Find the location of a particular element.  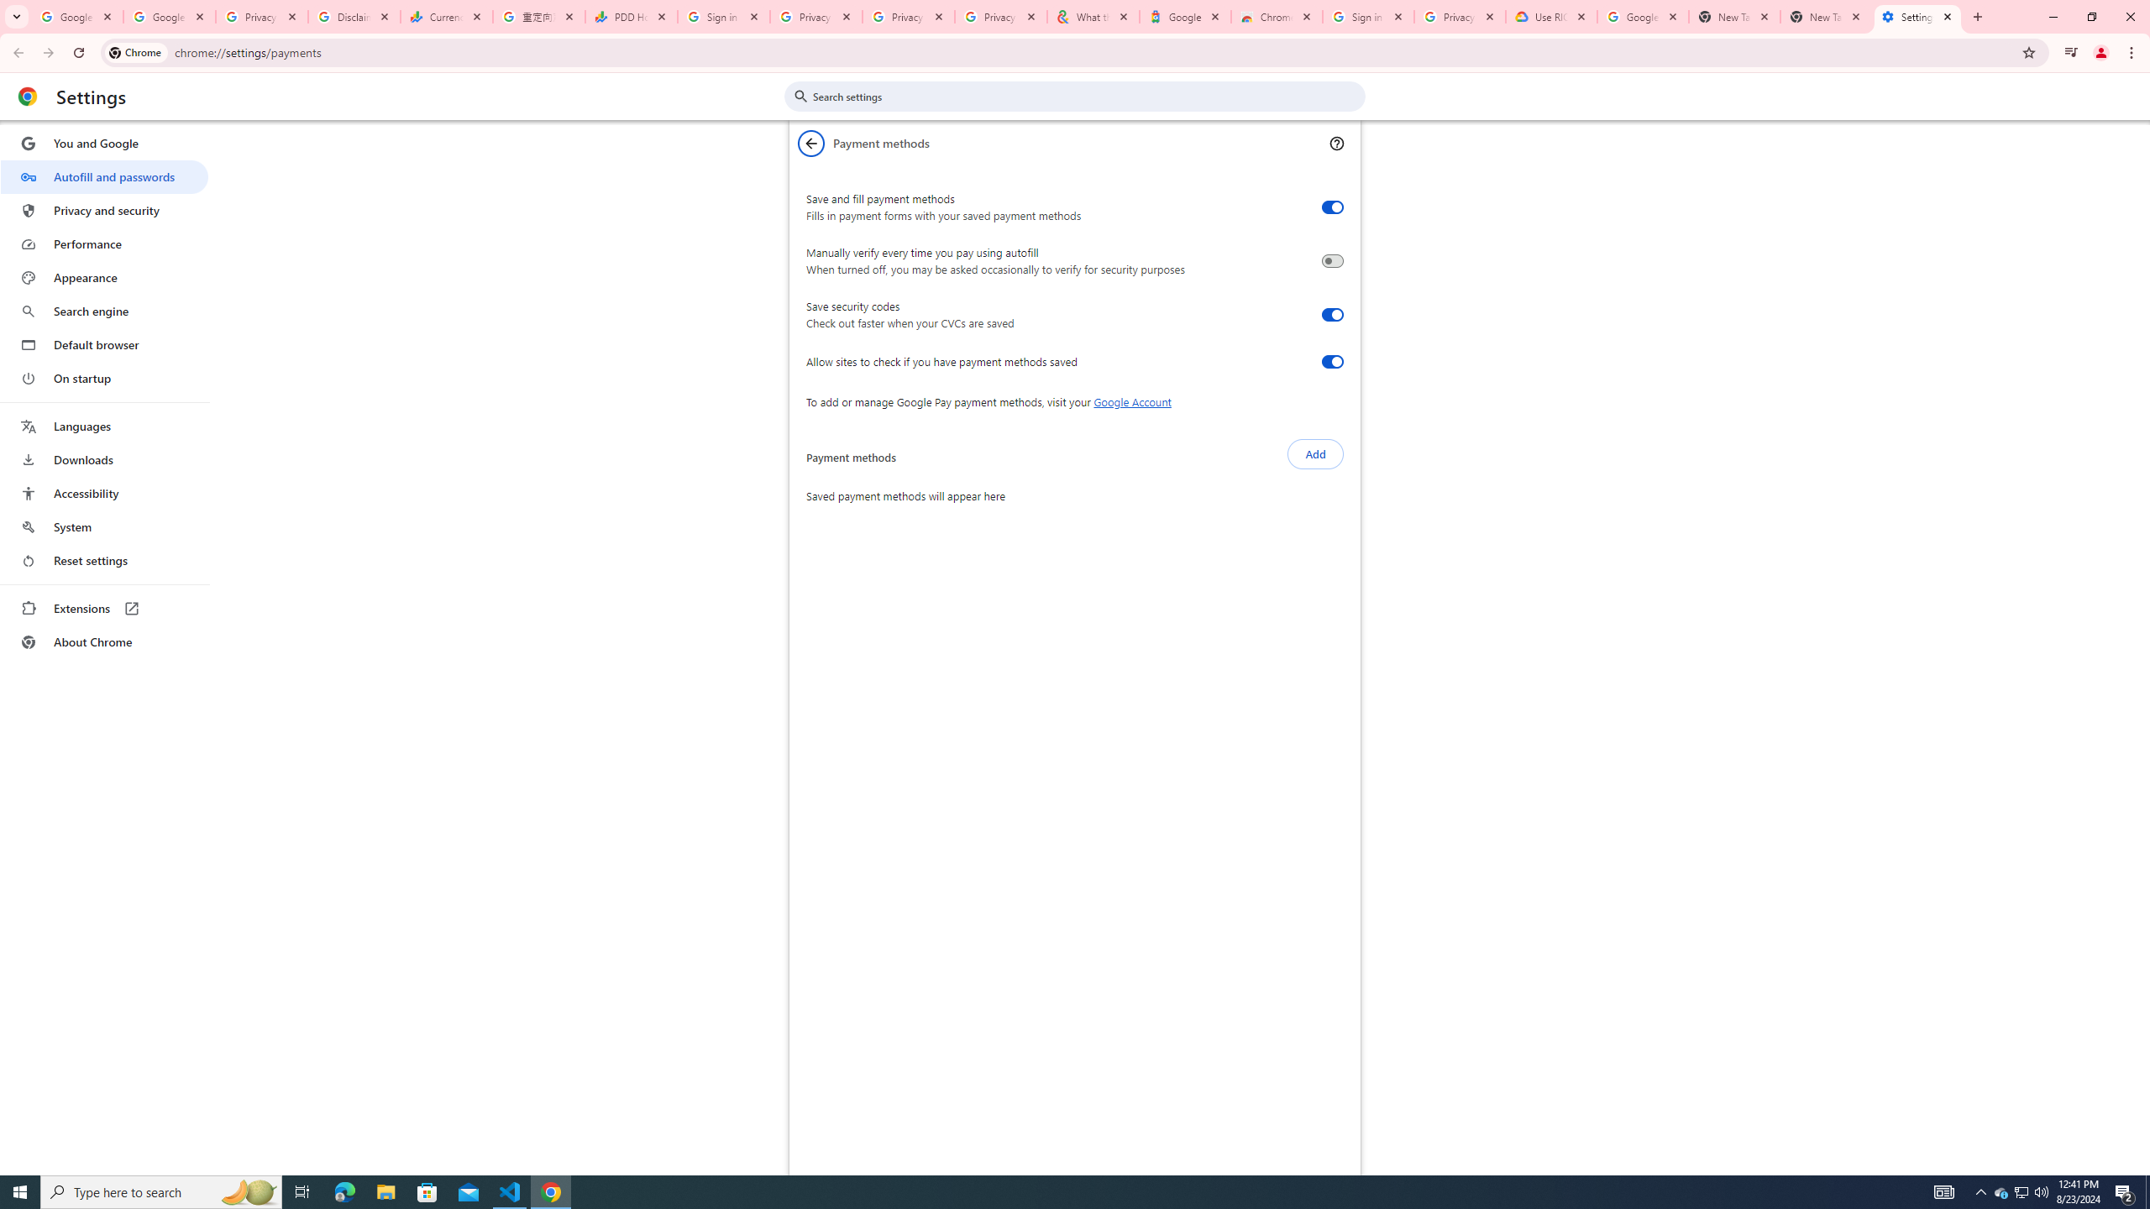

'Search settings' is located at coordinates (1086, 96).